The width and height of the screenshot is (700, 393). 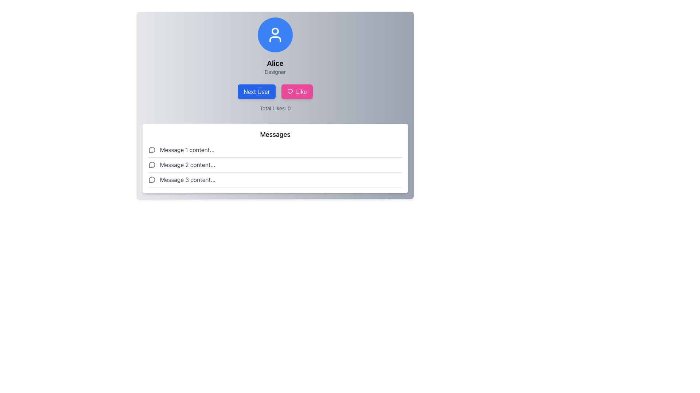 I want to click on text content of the label displaying 'Alice', which is a large, bold text label located centrally in the profile card layout, positioned above the smaller label 'Designer', so click(x=275, y=63).